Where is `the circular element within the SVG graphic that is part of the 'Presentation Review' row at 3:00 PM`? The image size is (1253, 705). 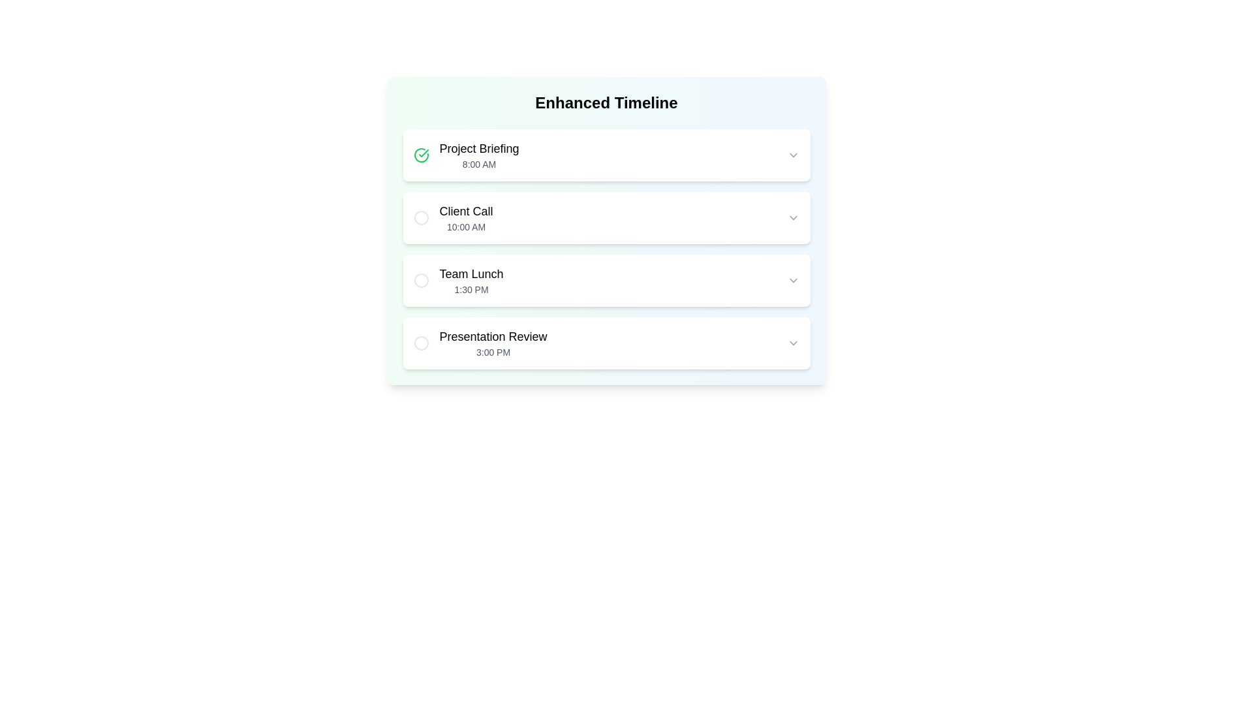 the circular element within the SVG graphic that is part of the 'Presentation Review' row at 3:00 PM is located at coordinates (421, 342).